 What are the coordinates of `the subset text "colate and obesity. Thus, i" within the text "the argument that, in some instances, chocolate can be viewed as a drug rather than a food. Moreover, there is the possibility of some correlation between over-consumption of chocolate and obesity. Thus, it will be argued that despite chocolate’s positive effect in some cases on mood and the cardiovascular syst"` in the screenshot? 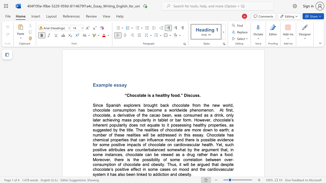 It's located at (130, 164).